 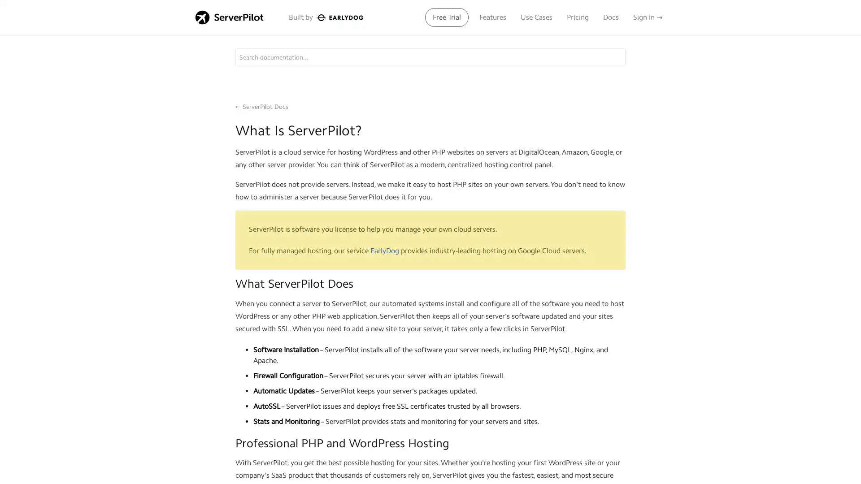 I want to click on Sign in, so click(x=648, y=17).